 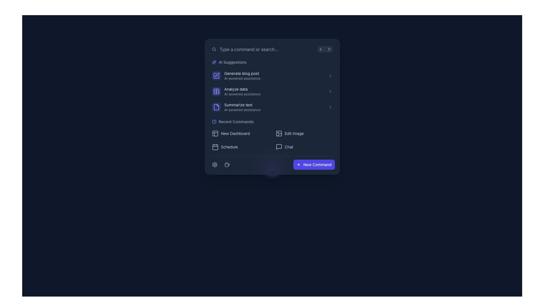 I want to click on the decorative pointer/anchor element at the bottom center of the dropdown component, which visually links to the originating button, so click(x=272, y=166).